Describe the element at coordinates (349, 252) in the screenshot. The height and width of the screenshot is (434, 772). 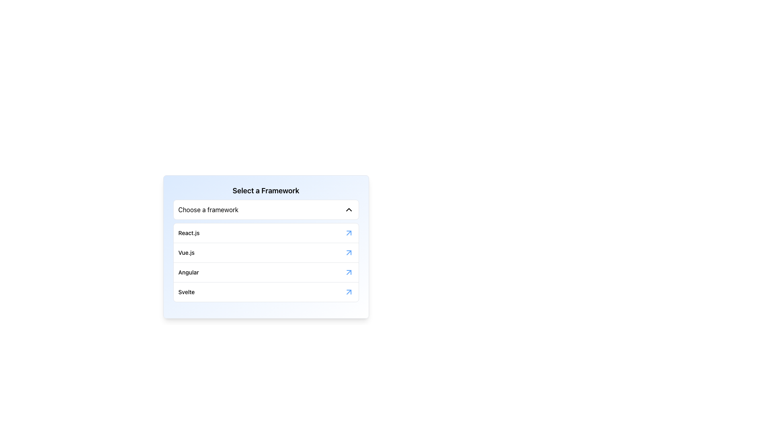
I see `the blue arrow icon pointing up and to the right, which is located next to the 'Vue.js' text in the dropdown menu labeled 'Select a Framework'` at that location.